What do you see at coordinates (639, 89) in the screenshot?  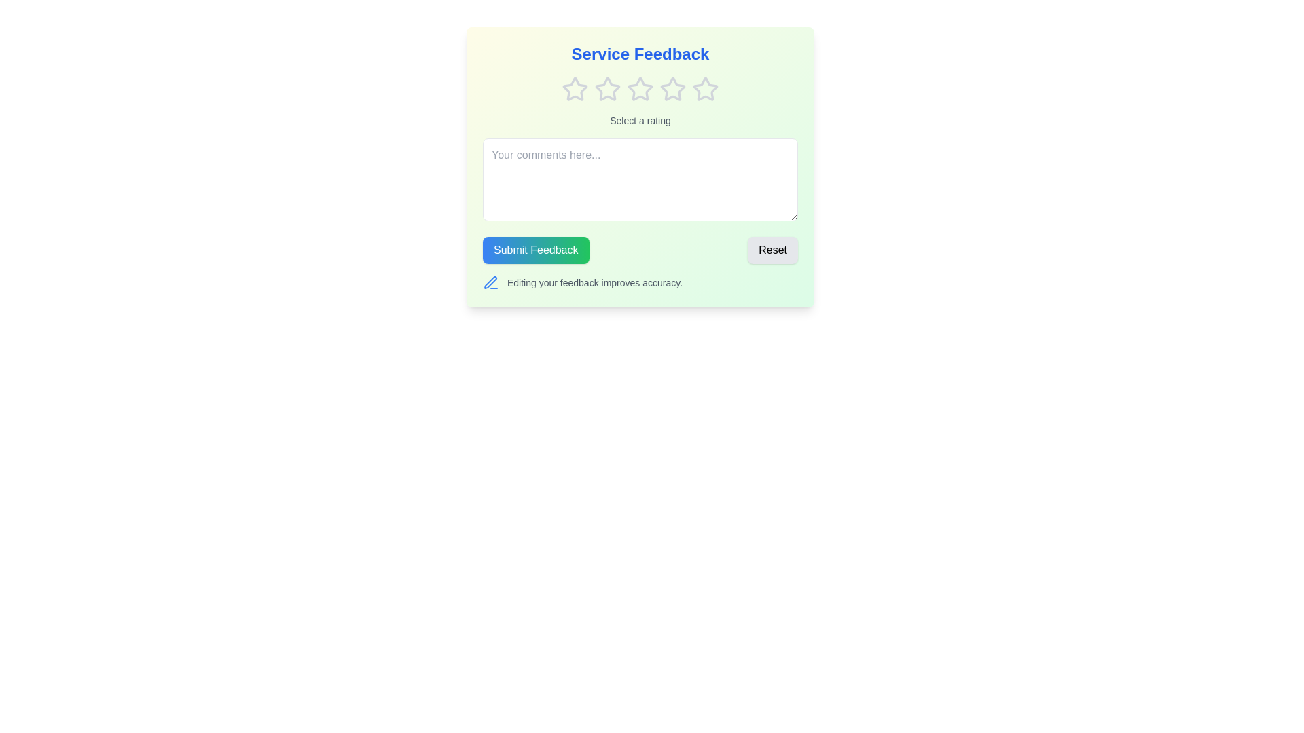 I see `the third star icon in the five-star rating system located in the feedback form interface` at bounding box center [639, 89].